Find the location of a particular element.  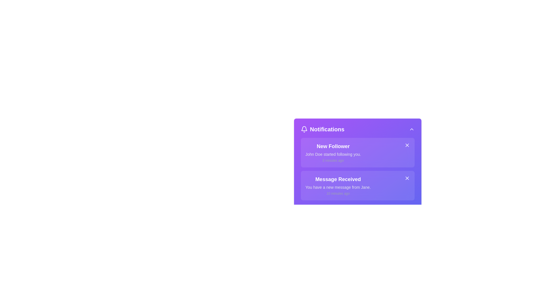

the close icon on the top-right corner of the 'Message Received' notification block is located at coordinates (407, 178).